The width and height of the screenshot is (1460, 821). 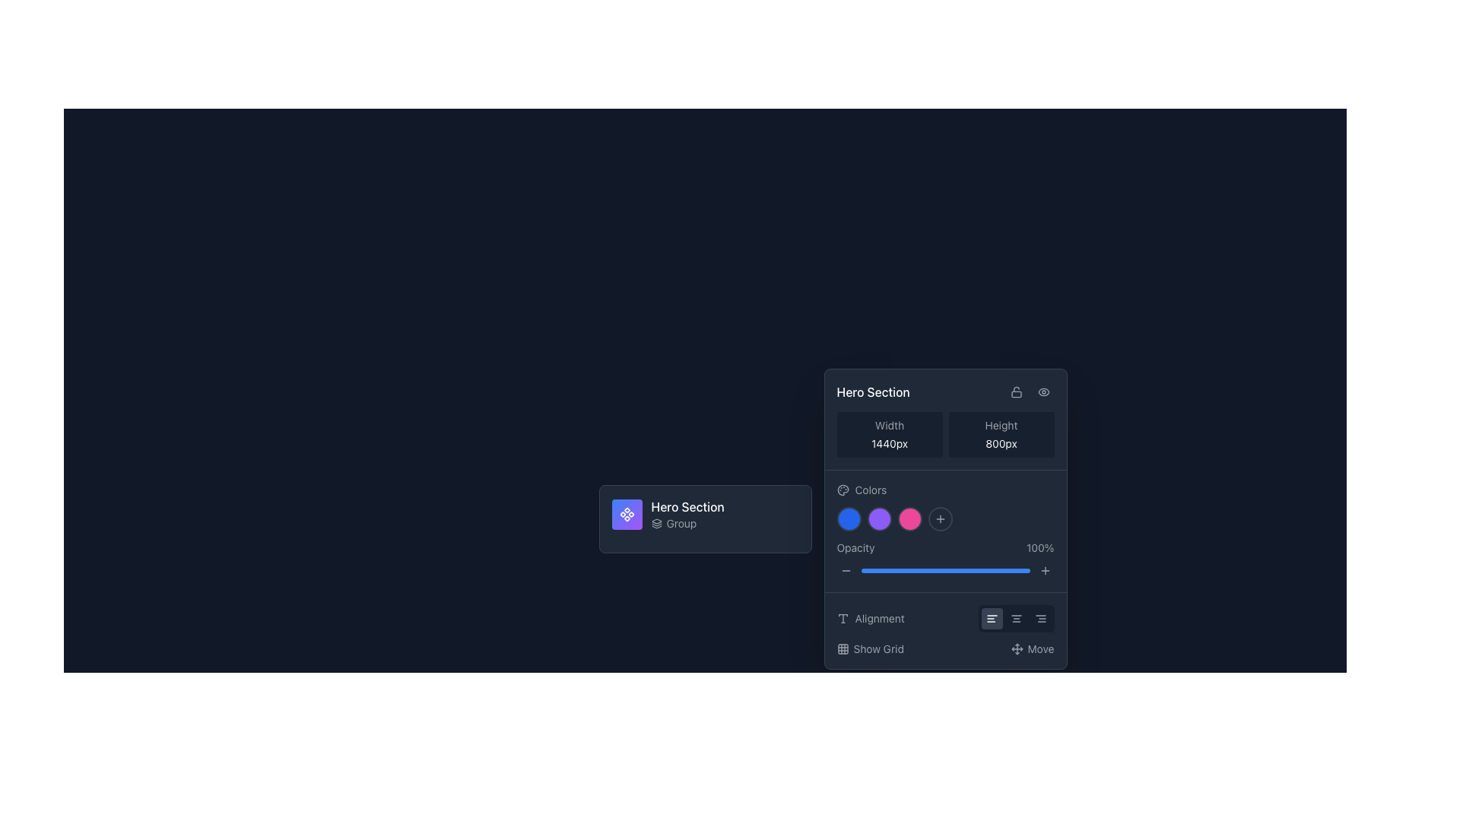 What do you see at coordinates (1039, 648) in the screenshot?
I see `the text label displaying 'Move'` at bounding box center [1039, 648].